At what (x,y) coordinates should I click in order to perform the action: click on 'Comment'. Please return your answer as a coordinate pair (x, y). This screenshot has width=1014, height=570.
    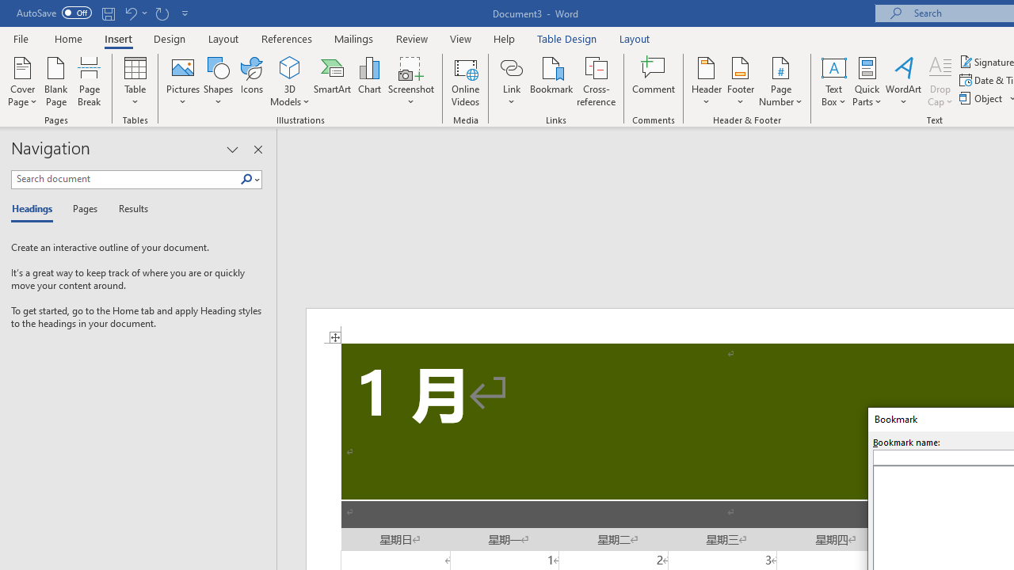
    Looking at the image, I should click on (654, 82).